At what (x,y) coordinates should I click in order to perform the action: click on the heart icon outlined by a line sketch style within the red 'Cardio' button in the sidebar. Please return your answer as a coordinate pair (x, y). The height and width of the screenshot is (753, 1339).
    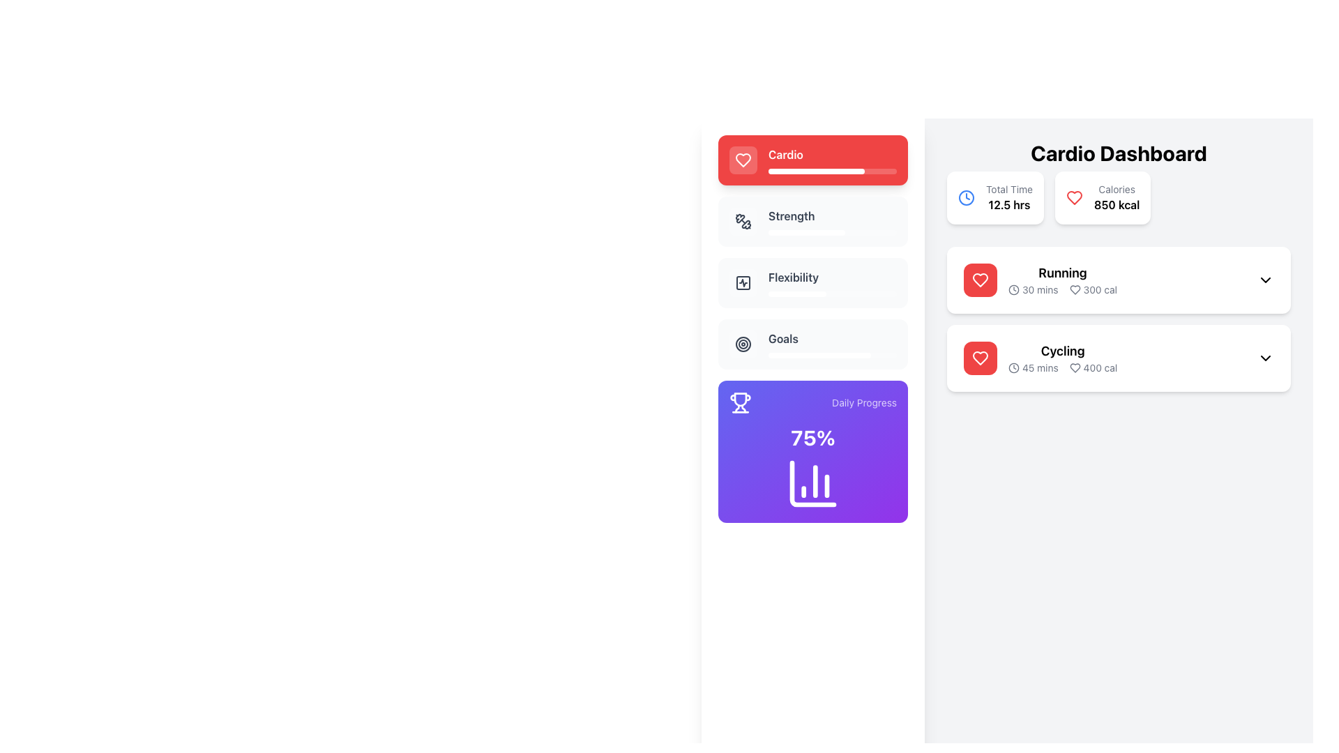
    Looking at the image, I should click on (742, 160).